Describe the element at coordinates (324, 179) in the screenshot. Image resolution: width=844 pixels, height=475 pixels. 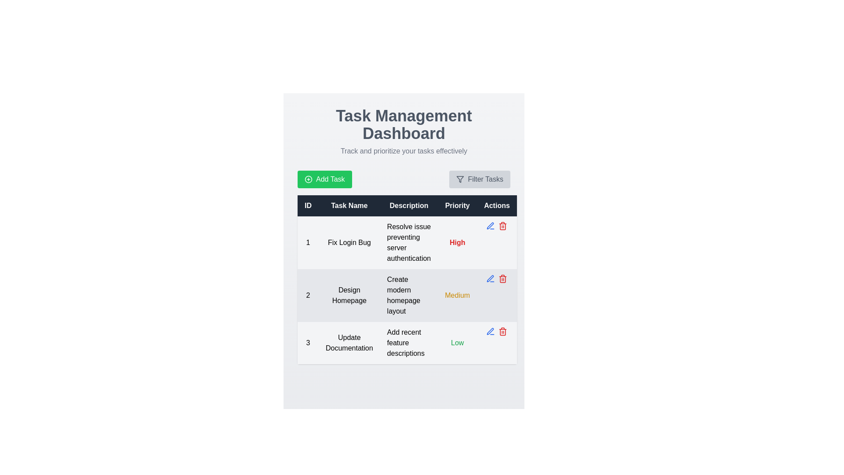
I see `the 'Add Task' button located in the top left section of the dashboard, positioned to the left of the 'Filter Tasks' button` at that location.